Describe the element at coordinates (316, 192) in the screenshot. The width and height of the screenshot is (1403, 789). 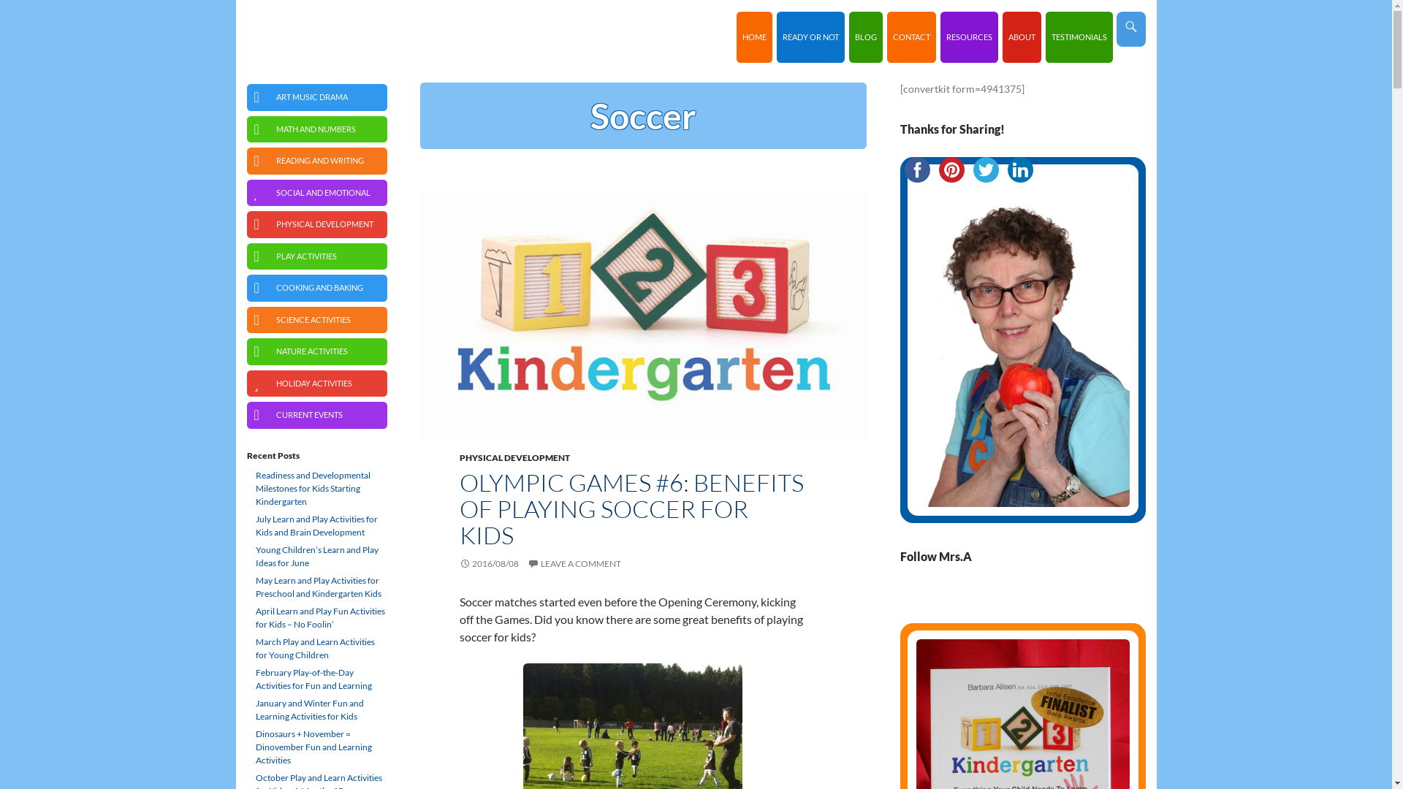
I see `'SOCIAL AND EMOTIONAL'` at that location.